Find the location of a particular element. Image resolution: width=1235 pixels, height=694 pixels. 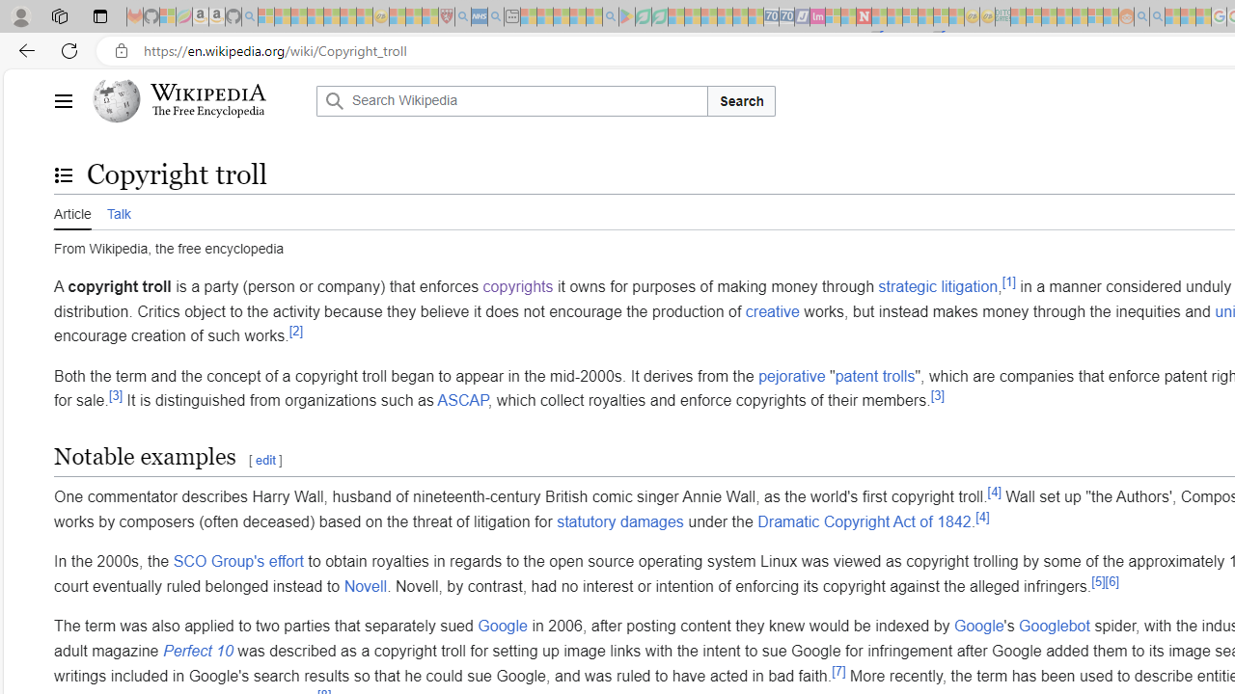

'Perfect 10' is located at coordinates (197, 651).